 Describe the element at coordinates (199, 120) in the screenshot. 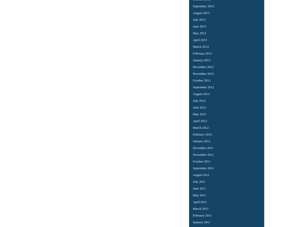

I see `'April 2012'` at that location.